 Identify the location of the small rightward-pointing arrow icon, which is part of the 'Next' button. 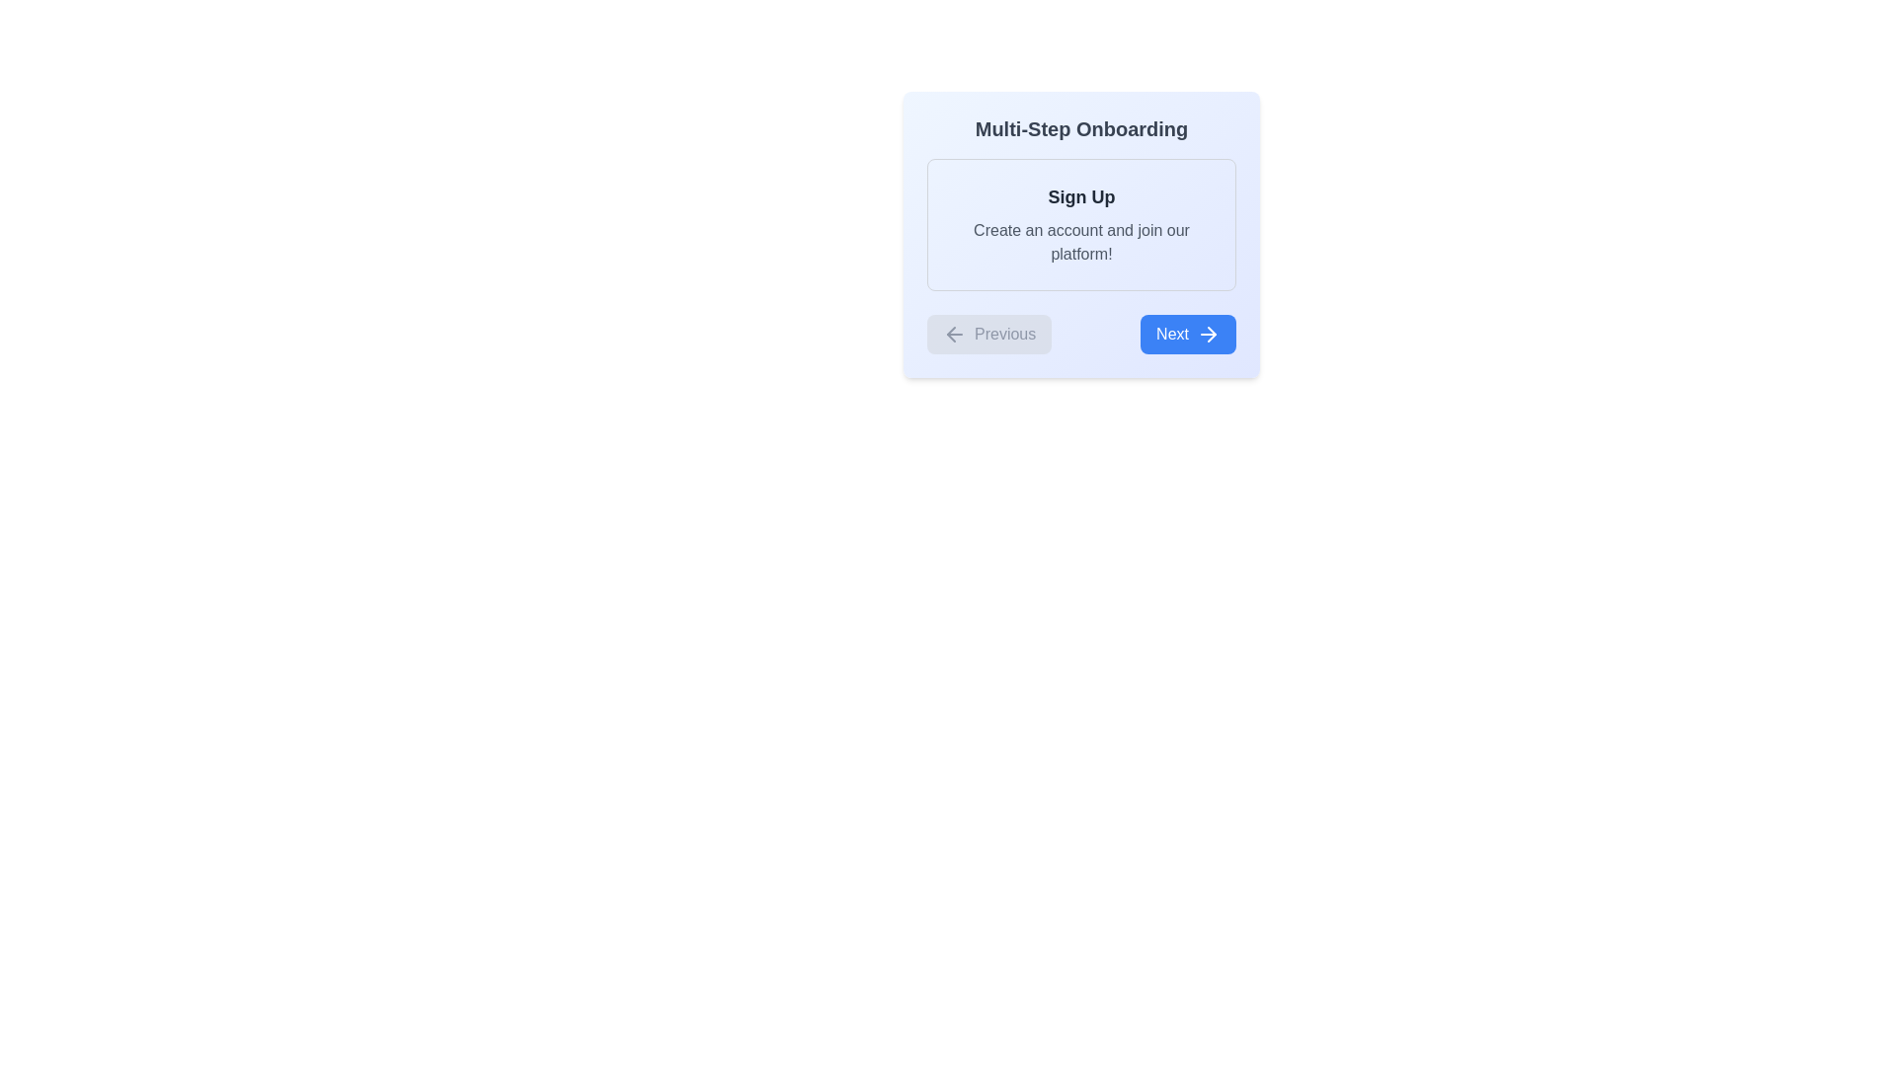
(1211, 334).